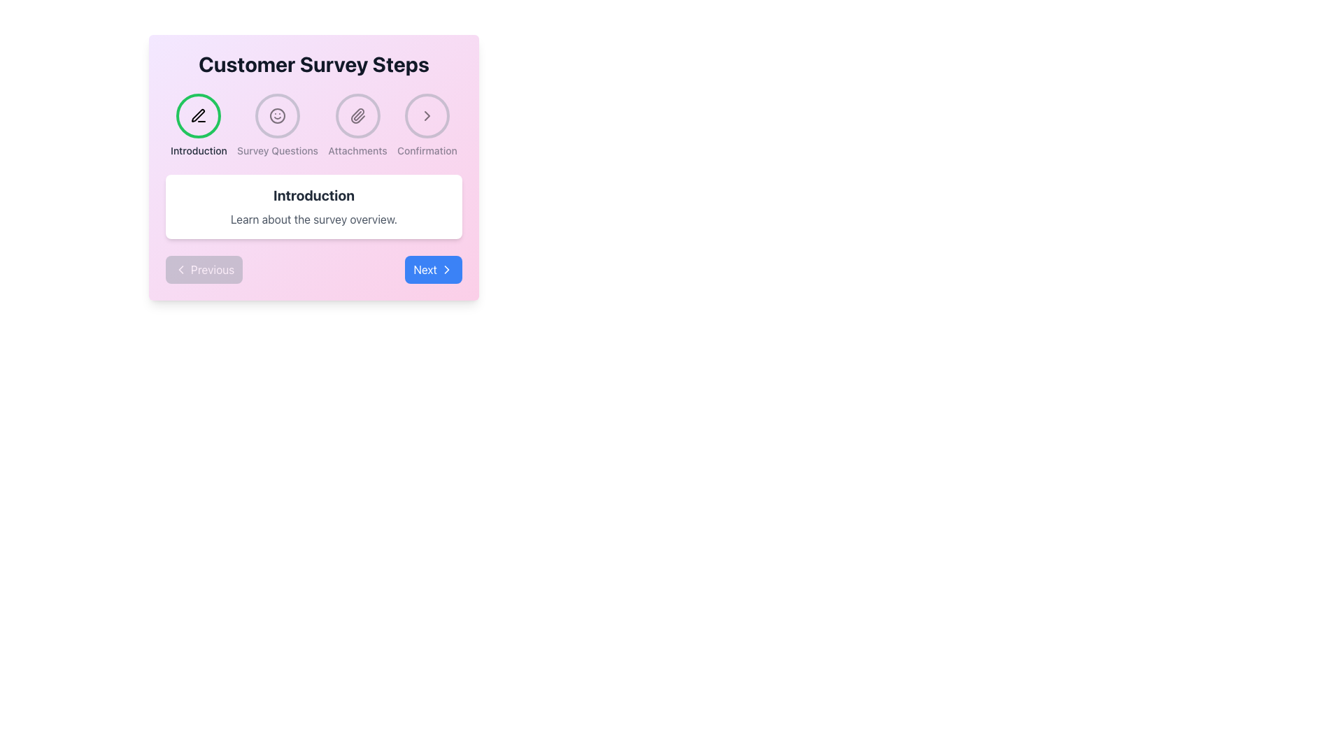  What do you see at coordinates (198, 126) in the screenshot?
I see `the Interactive navigation step indicator, which is a circular green-bordered icon with a black pen icon and the text 'Introduction' below it, located at the top-left of the main window` at bounding box center [198, 126].